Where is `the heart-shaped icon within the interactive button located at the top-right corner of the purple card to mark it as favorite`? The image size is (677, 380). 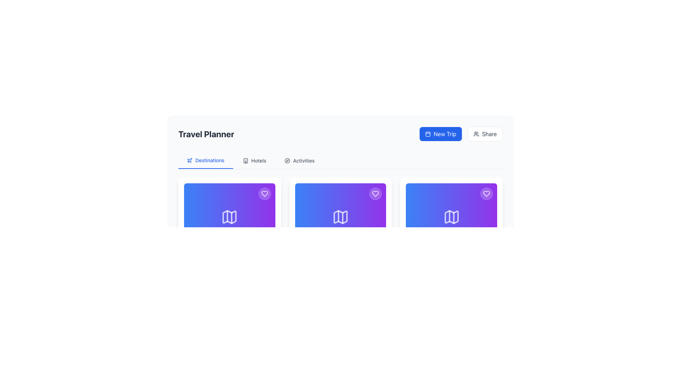 the heart-shaped icon within the interactive button located at the top-right corner of the purple card to mark it as favorite is located at coordinates (375, 194).